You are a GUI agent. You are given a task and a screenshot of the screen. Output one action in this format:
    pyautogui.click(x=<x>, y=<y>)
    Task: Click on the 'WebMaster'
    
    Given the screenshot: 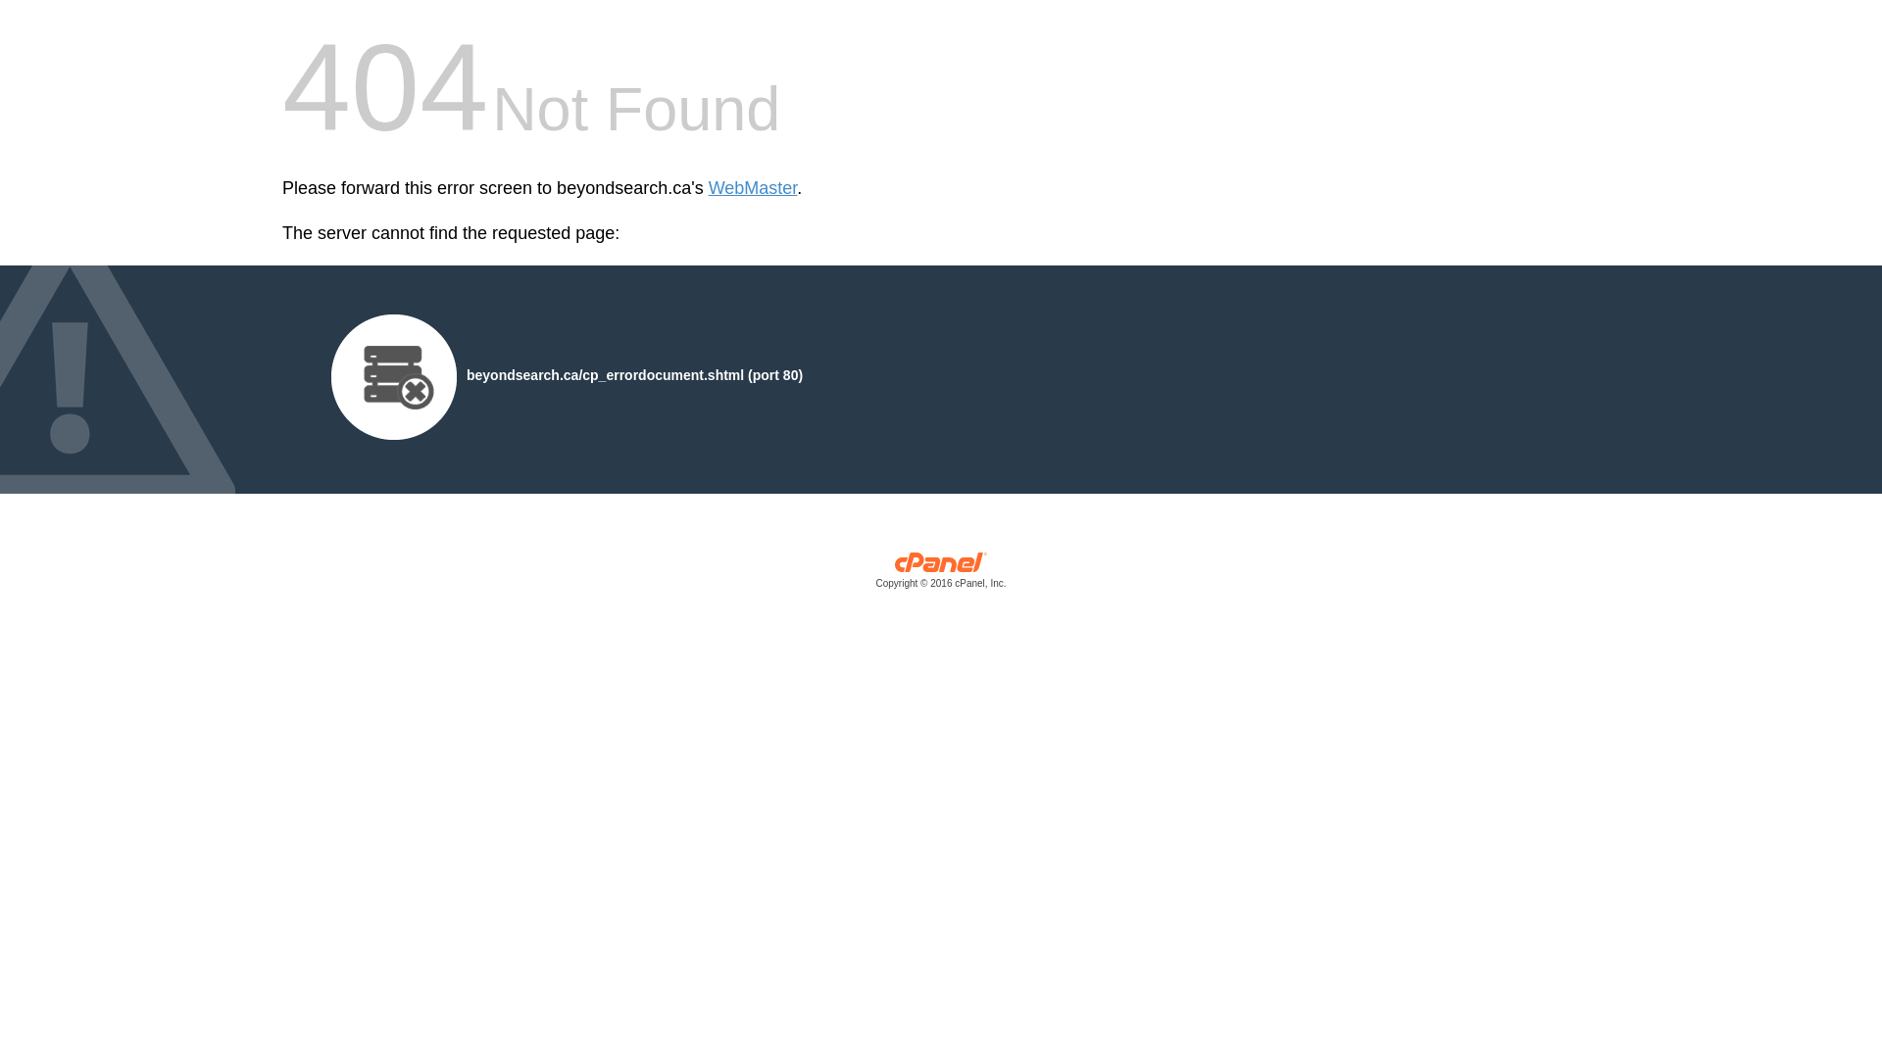 What is the action you would take?
    pyautogui.click(x=752, y=188)
    